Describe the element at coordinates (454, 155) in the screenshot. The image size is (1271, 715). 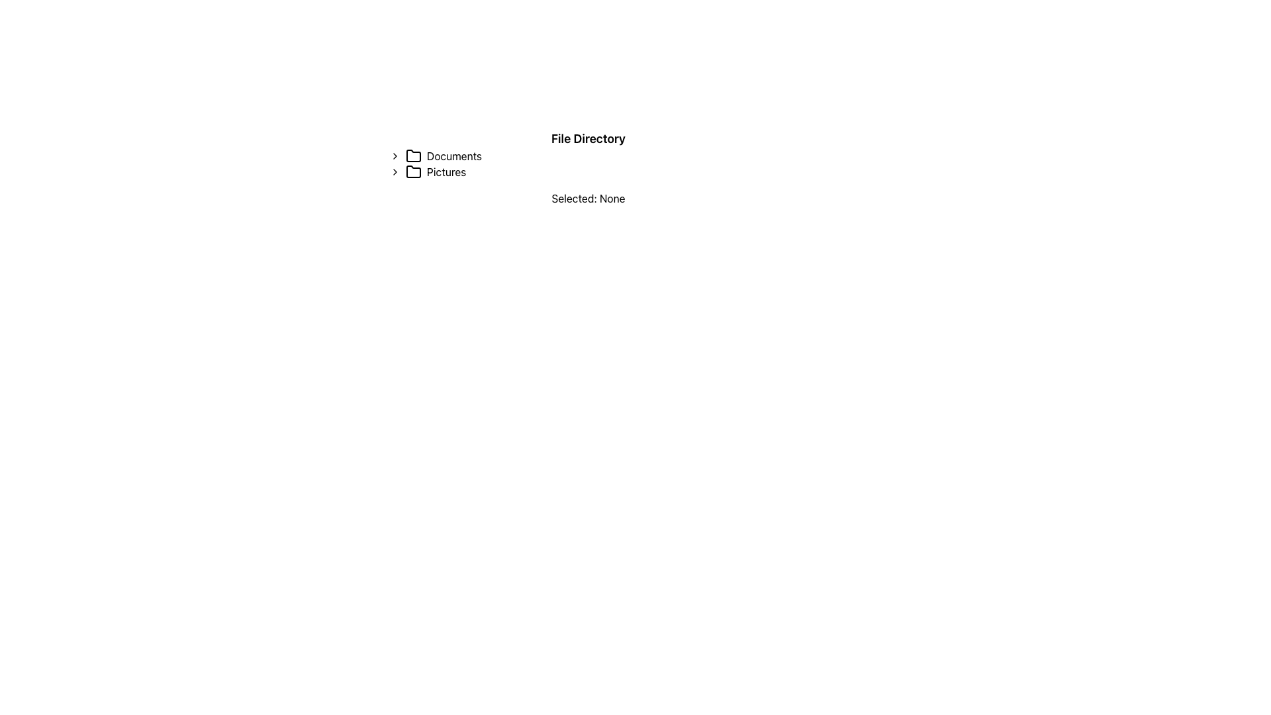
I see `the 'Documents' text label` at that location.